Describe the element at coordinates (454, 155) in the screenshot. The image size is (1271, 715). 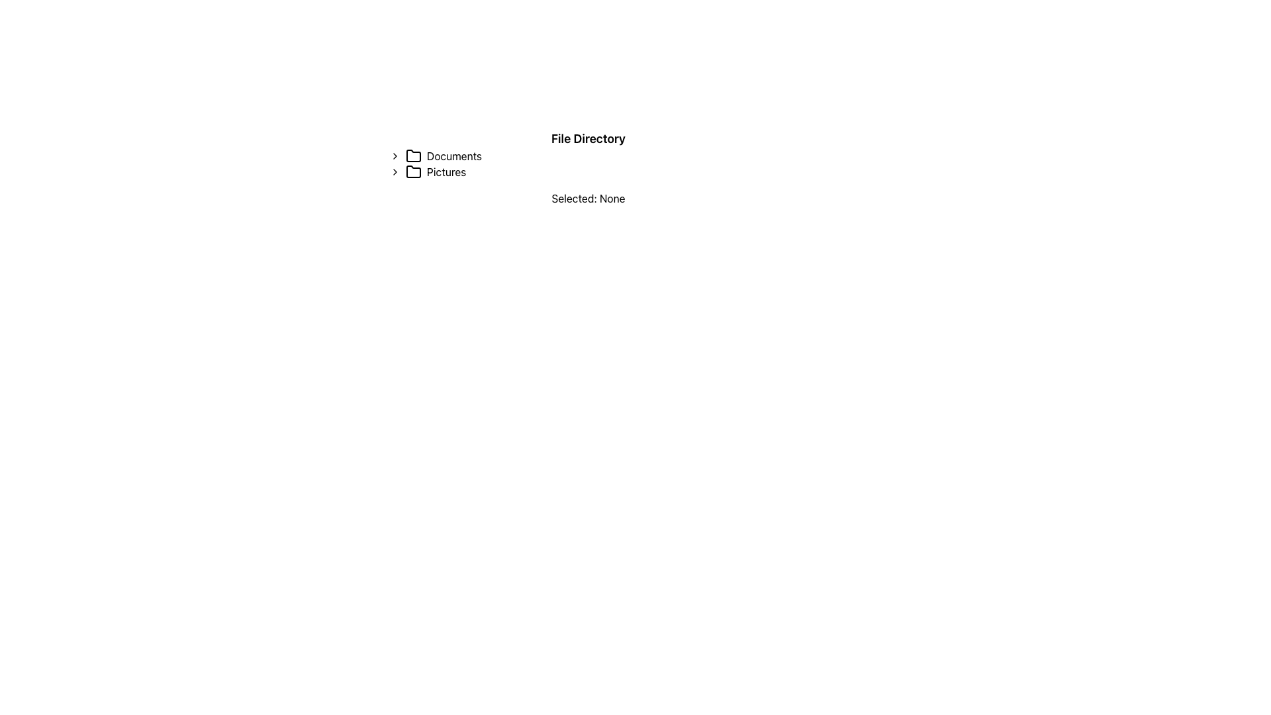
I see `the 'Documents' text label` at that location.